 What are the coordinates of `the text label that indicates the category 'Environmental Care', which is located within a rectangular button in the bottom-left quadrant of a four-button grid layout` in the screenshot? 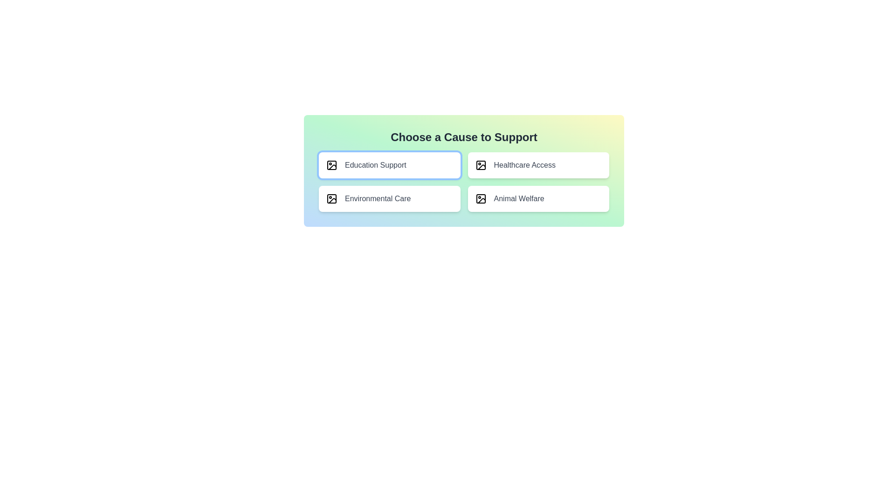 It's located at (378, 198).